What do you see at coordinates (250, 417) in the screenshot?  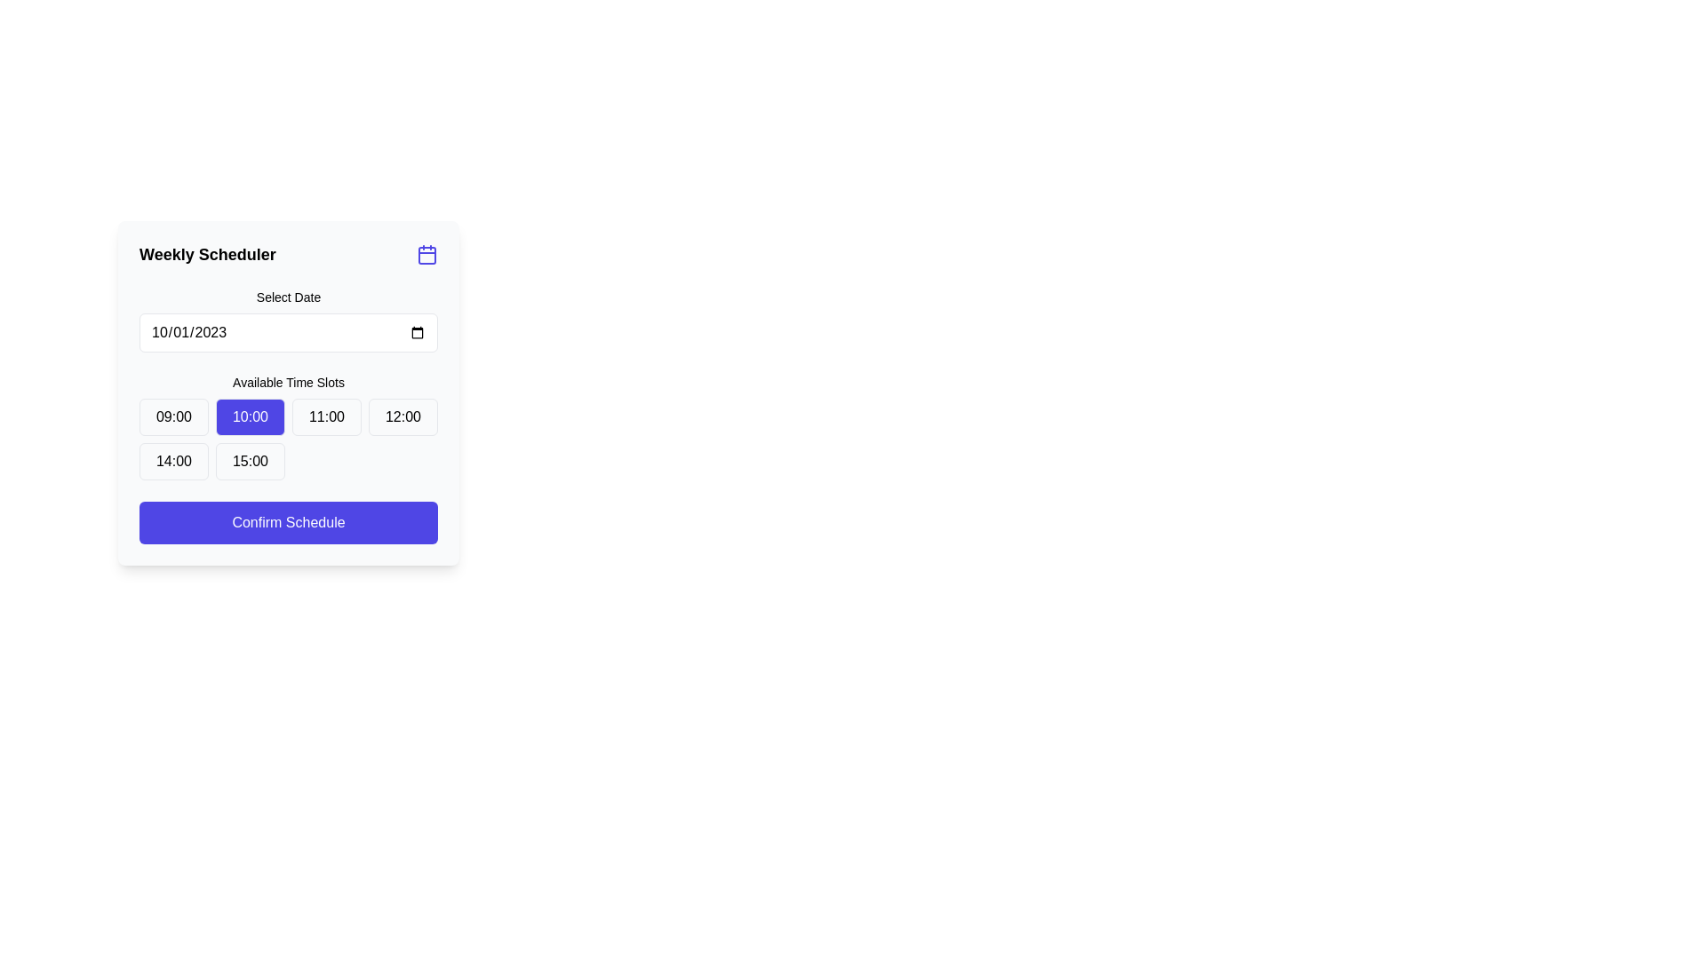 I see `the time slot button labeled '10:00' with a blue background` at bounding box center [250, 417].